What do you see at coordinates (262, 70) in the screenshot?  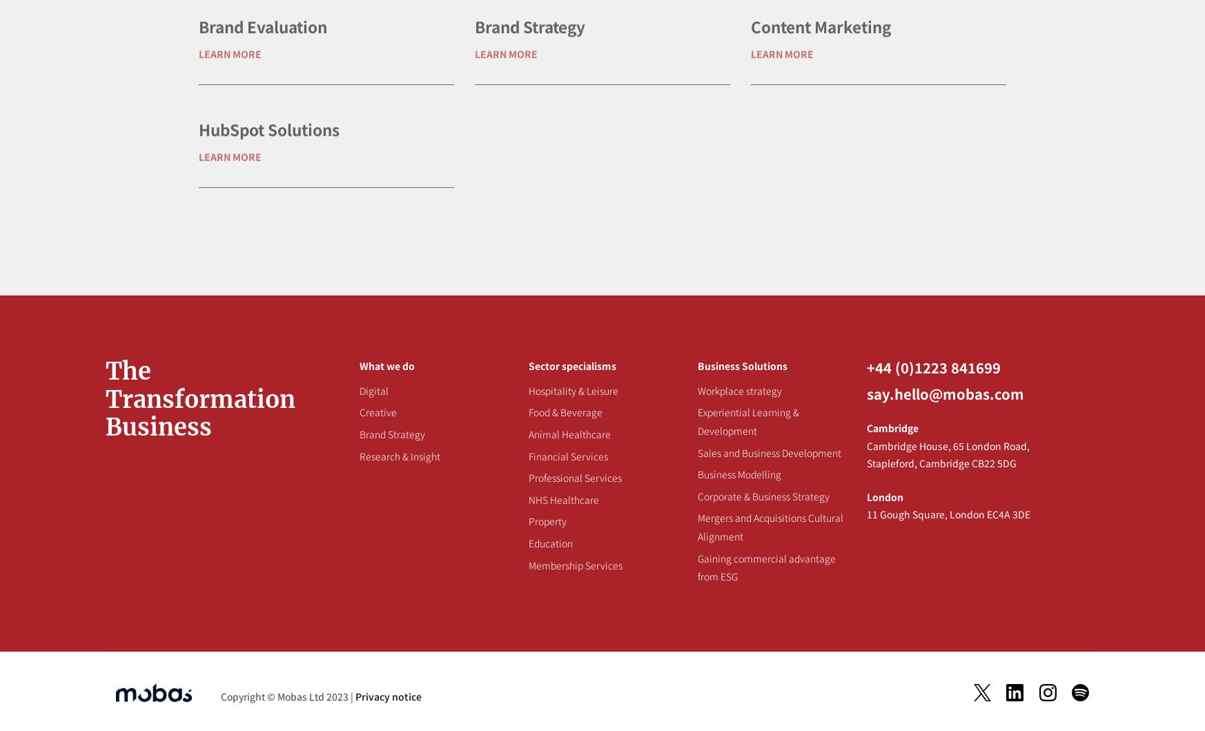 I see `'Brand Evaluation'` at bounding box center [262, 70].